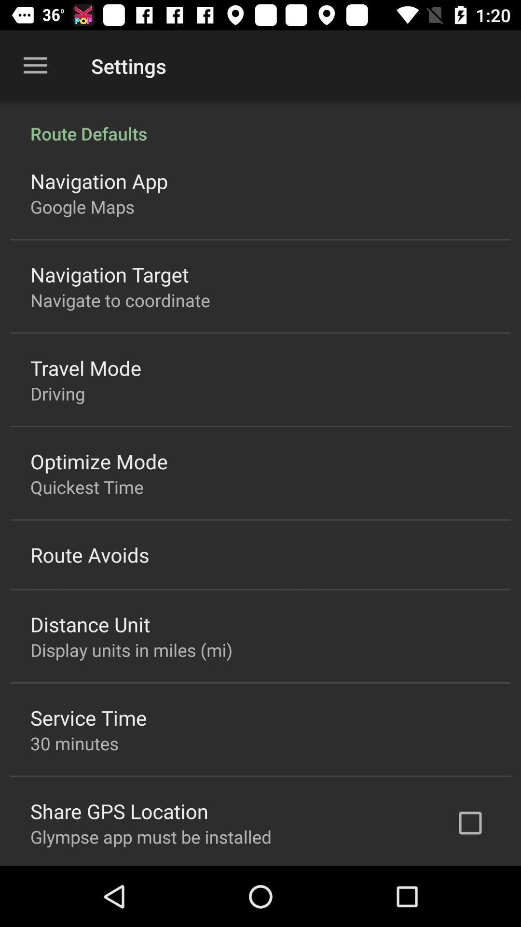 This screenshot has height=927, width=521. Describe the element at coordinates (151, 836) in the screenshot. I see `the glympse app must item` at that location.